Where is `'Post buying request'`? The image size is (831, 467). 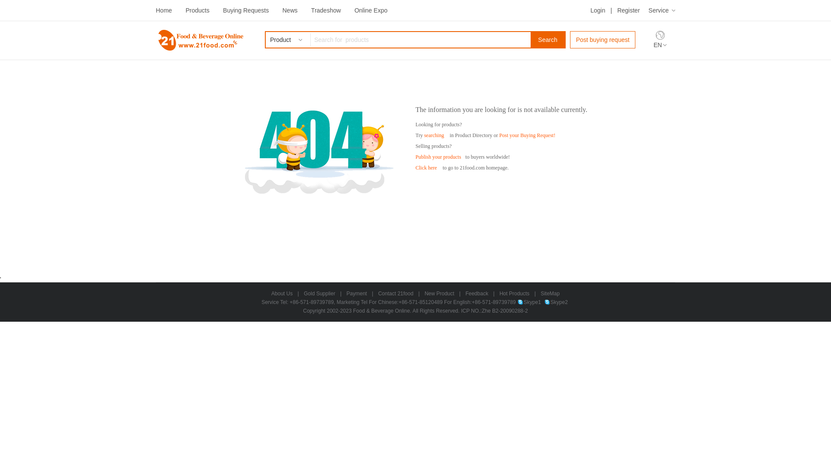 'Post buying request' is located at coordinates (602, 40).